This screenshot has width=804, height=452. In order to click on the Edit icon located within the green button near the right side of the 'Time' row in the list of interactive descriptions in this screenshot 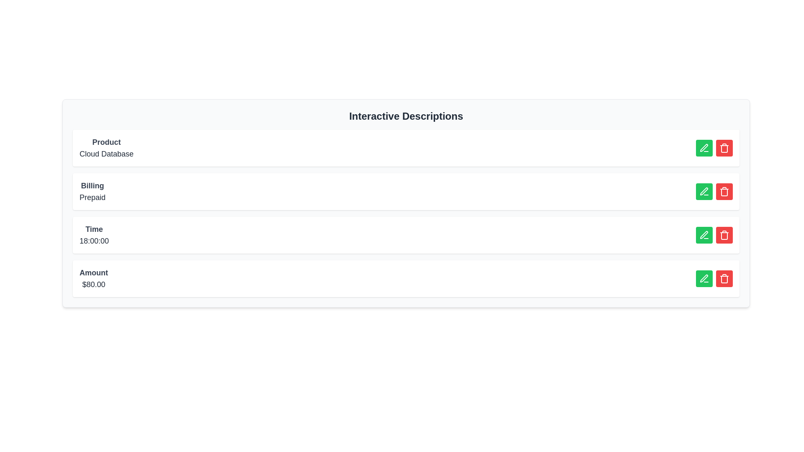, I will do `click(703, 235)`.